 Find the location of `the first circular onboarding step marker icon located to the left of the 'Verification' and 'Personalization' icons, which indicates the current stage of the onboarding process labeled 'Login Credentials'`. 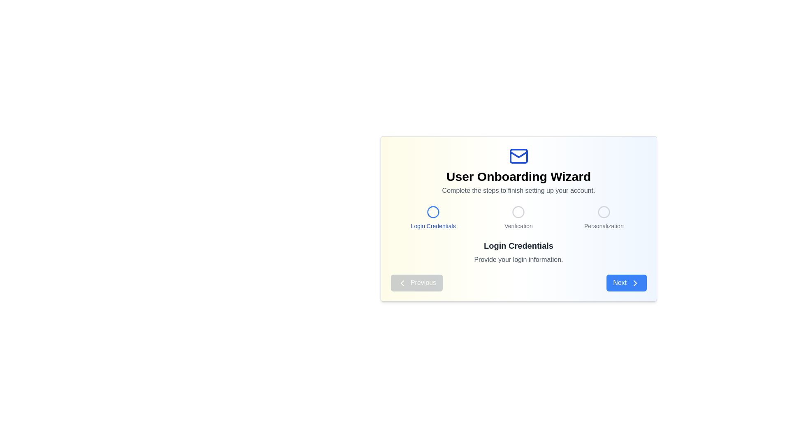

the first circular onboarding step marker icon located to the left of the 'Verification' and 'Personalization' icons, which indicates the current stage of the onboarding process labeled 'Login Credentials' is located at coordinates (433, 212).